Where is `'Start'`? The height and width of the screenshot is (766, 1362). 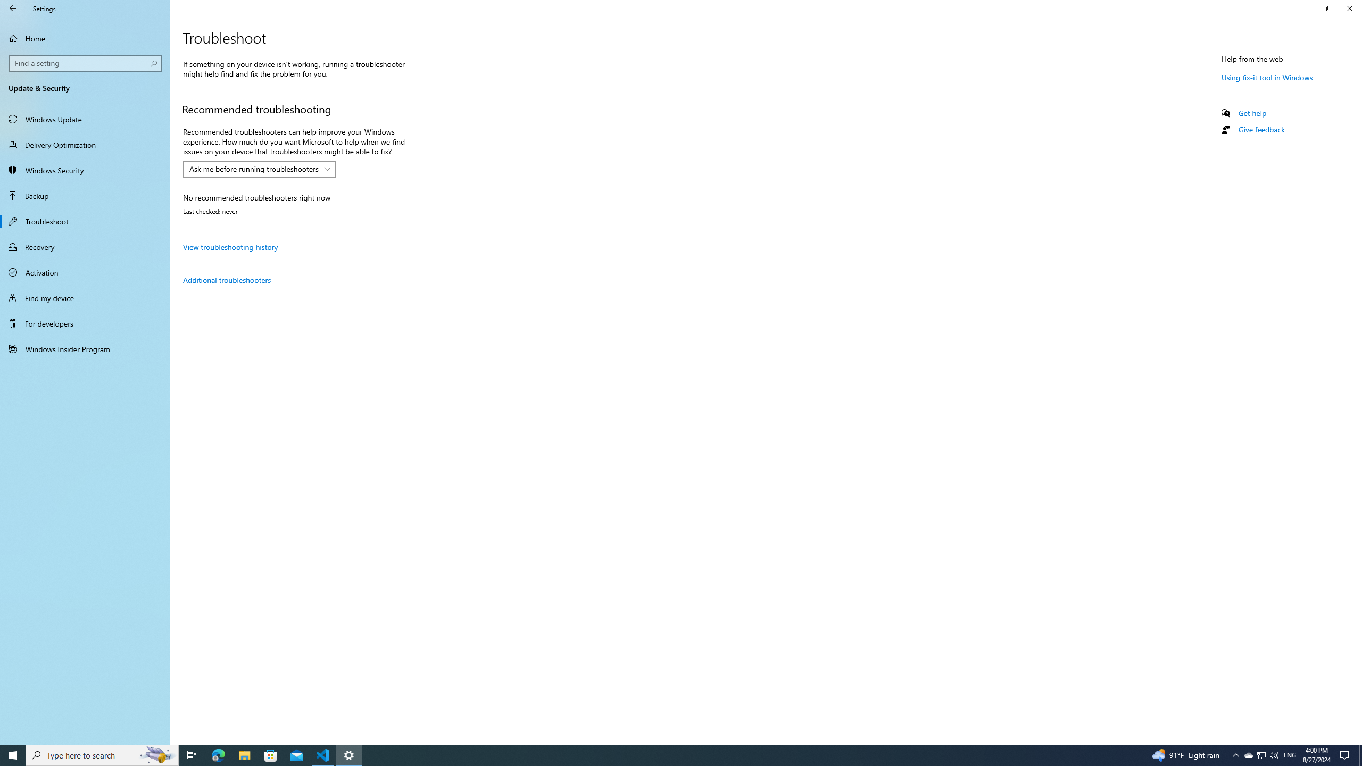 'Start' is located at coordinates (13, 754).